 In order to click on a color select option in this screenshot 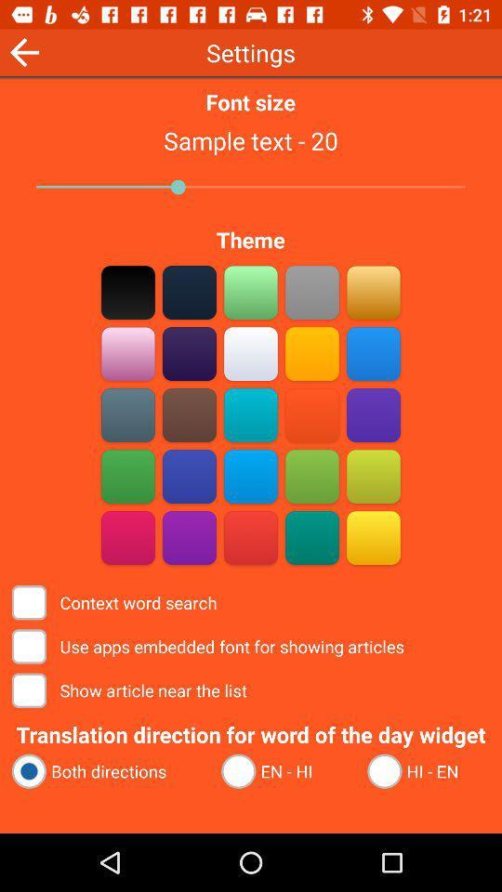, I will do `click(251, 414)`.